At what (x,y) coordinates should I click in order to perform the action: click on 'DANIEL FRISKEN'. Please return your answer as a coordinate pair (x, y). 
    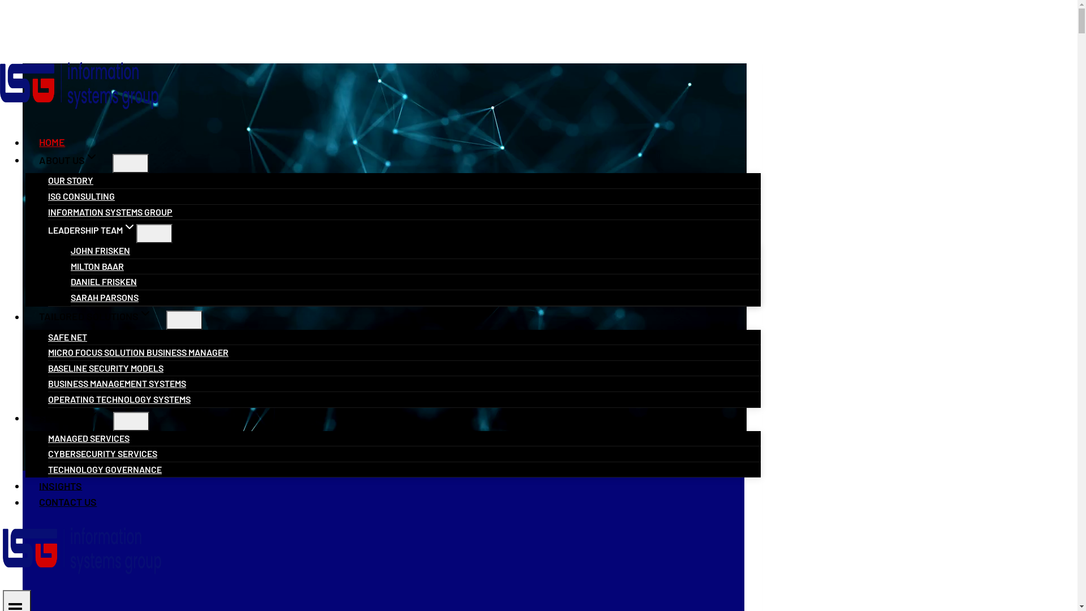
    Looking at the image, I should click on (104, 281).